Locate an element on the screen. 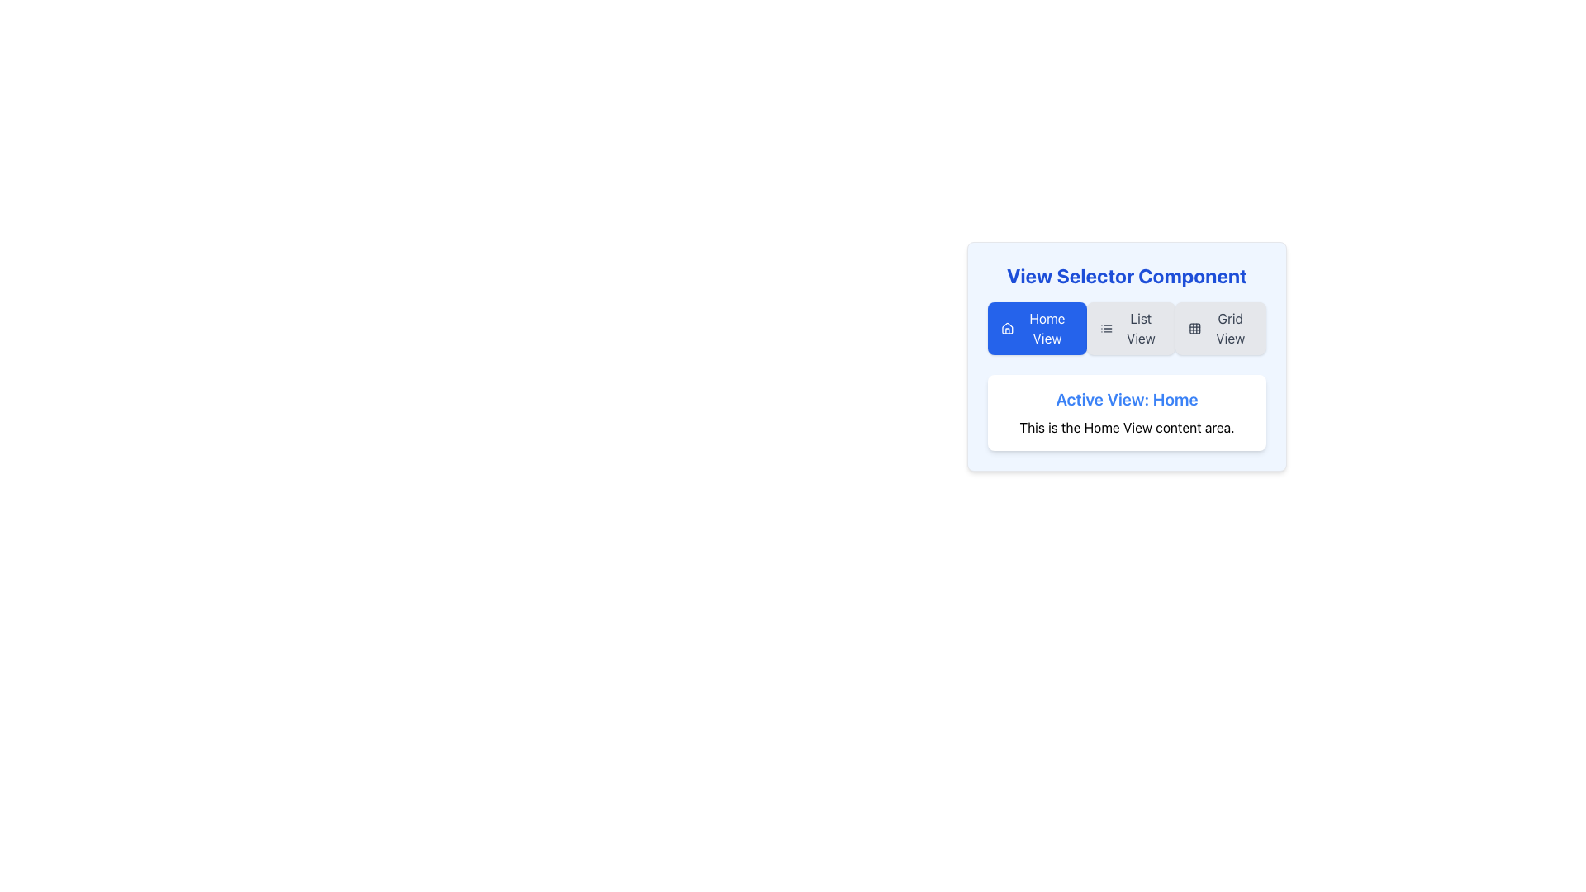 The image size is (1586, 892). the house icon located within the blue rectangular button labeled 'Home View' in the 'View Selector Component' UI is located at coordinates (1006, 328).